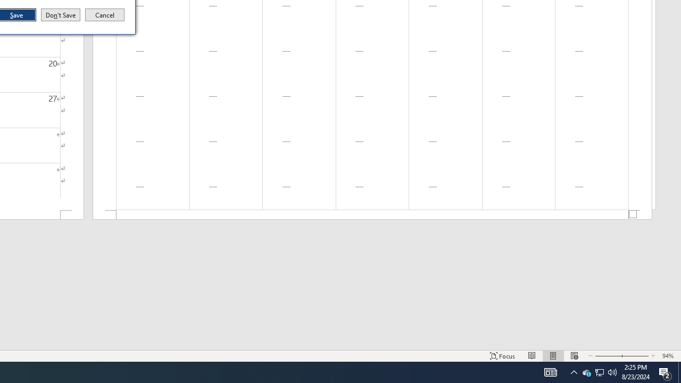  Describe the element at coordinates (665, 371) in the screenshot. I see `'Action Center, 2 new notifications'` at that location.